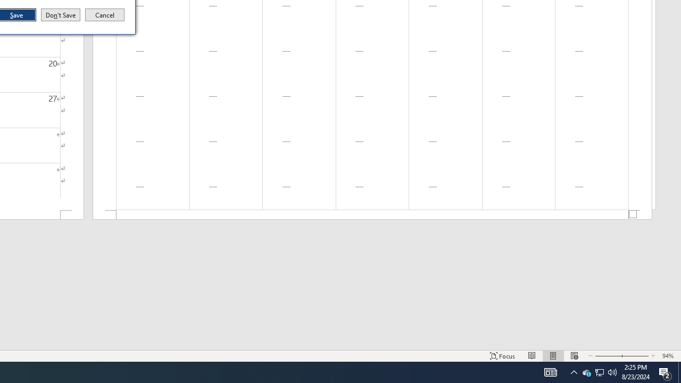  Describe the element at coordinates (665, 371) in the screenshot. I see `'Action Center, 2 new notifications'` at that location.